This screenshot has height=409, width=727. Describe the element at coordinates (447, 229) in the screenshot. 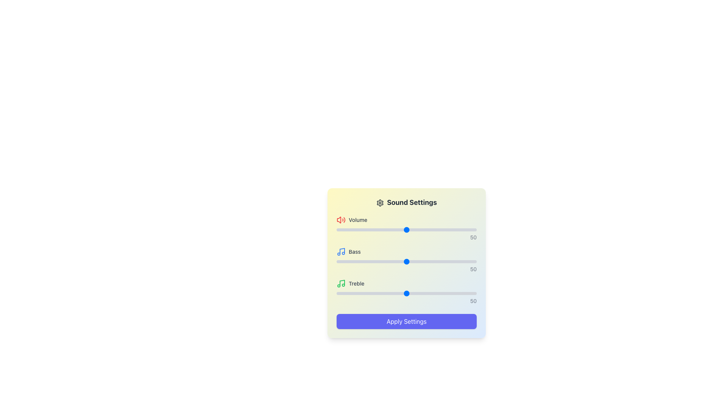

I see `the volume` at that location.